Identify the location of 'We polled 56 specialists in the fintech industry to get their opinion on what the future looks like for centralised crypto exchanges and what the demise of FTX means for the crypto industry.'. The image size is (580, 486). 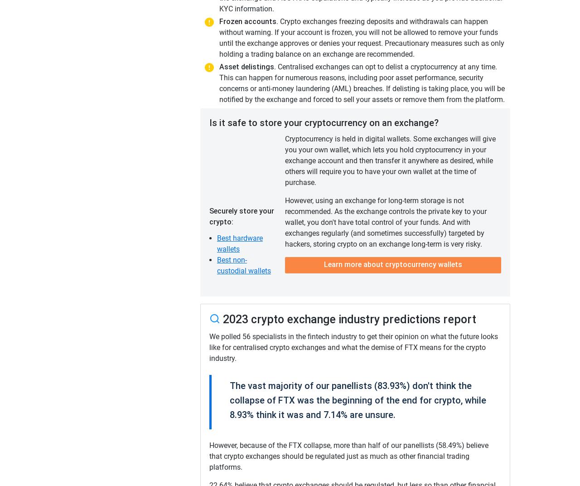
(353, 347).